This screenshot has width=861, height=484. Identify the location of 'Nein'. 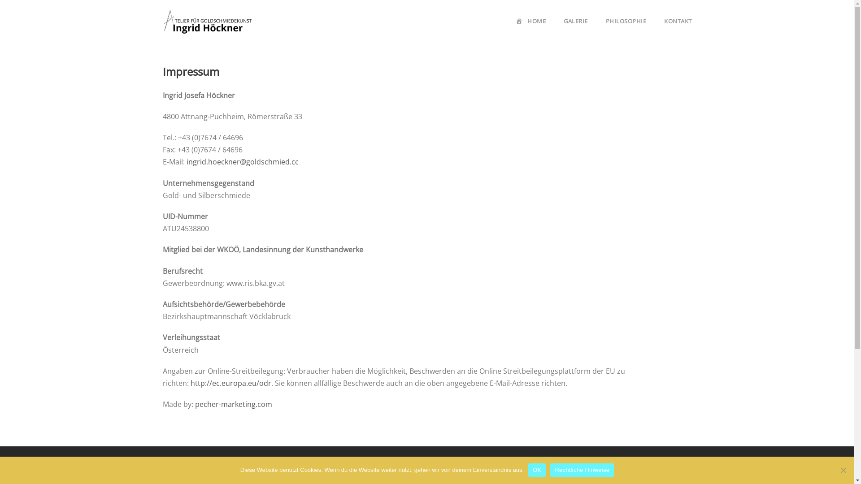
(843, 470).